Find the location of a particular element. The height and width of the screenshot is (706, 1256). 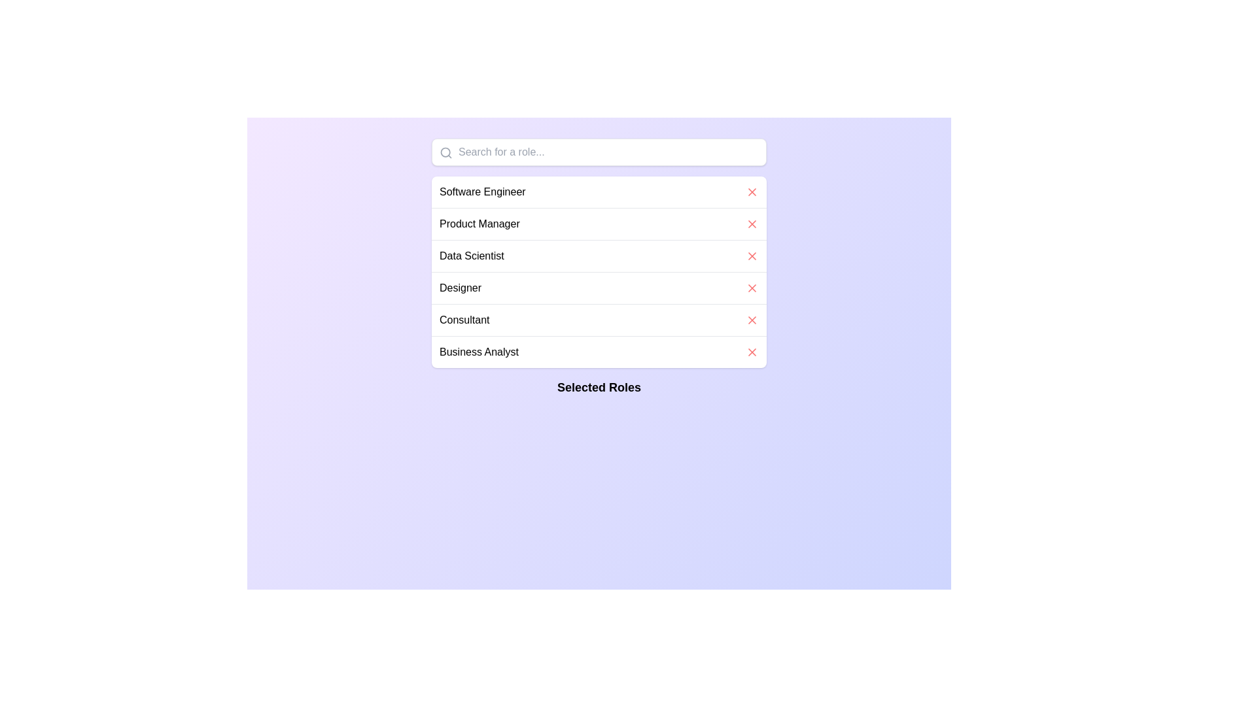

the 'X' icon located at the far right of the 'Consultant' row is located at coordinates (752, 320).